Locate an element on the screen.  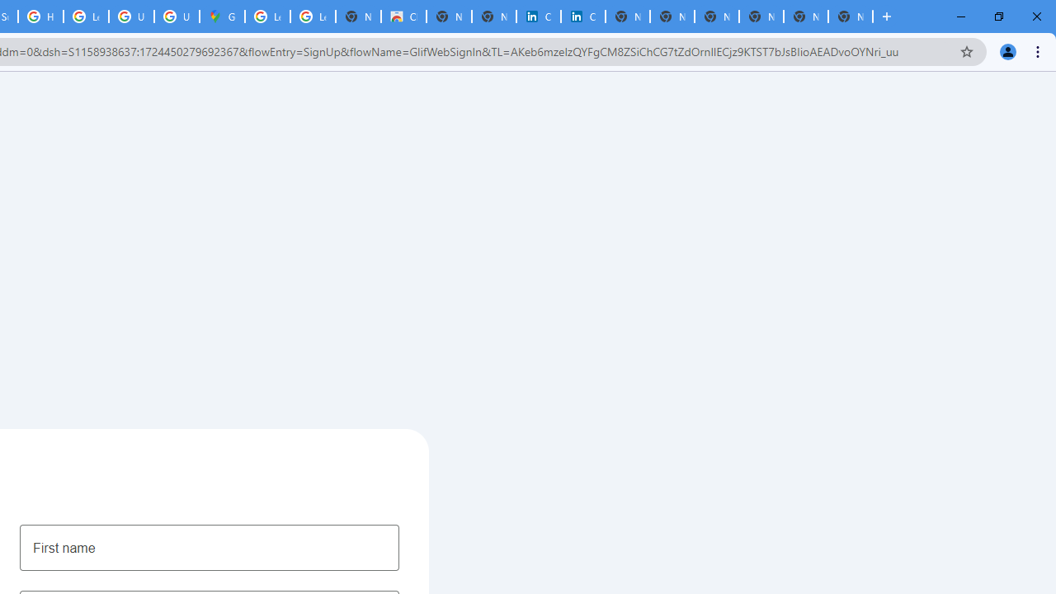
'Cookie Policy | LinkedIn' is located at coordinates (582, 16).